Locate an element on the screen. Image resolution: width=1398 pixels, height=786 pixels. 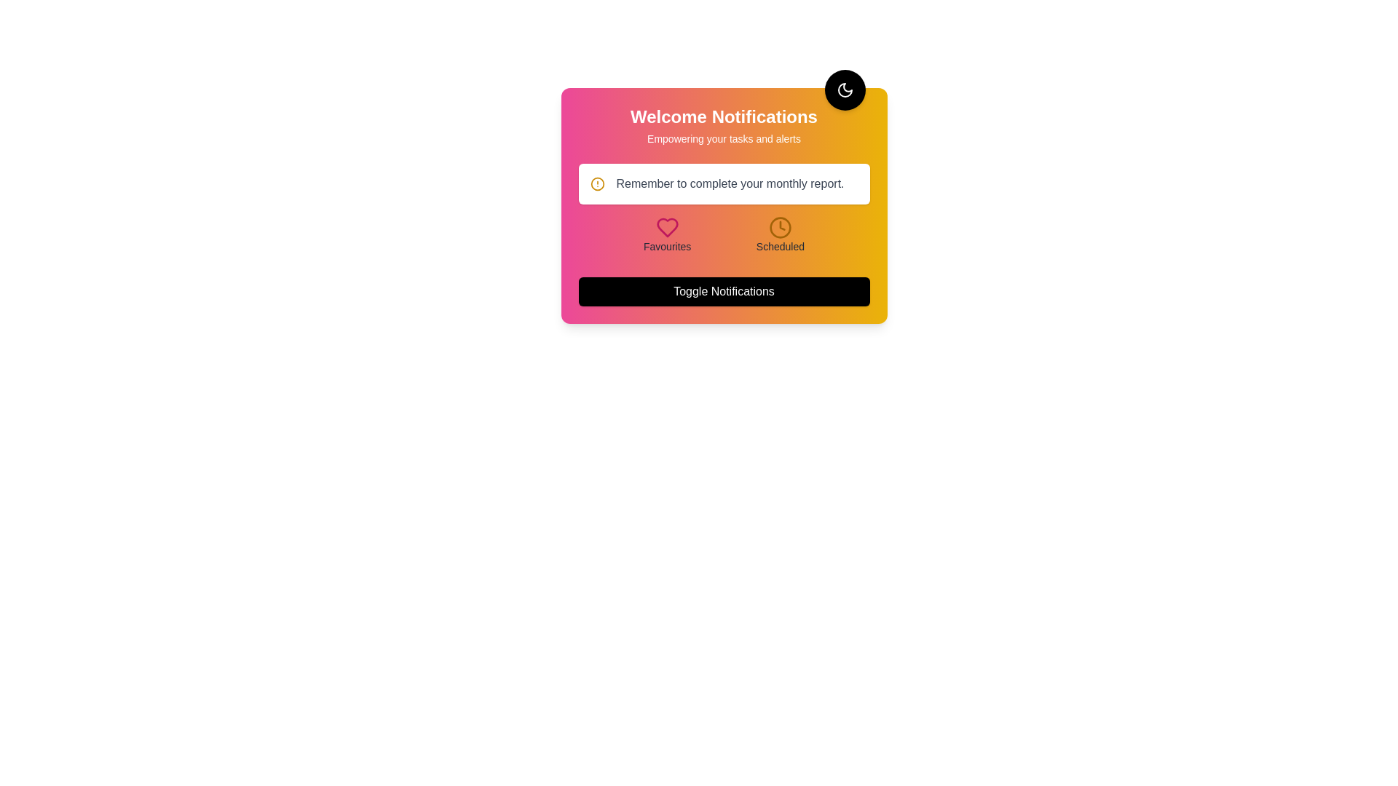
the 'Scheduled' label, which is styled with a small gray font and is positioned as the second option within a notification card, adjacent to a yellow clock-shaped icon is located at coordinates (779, 246).